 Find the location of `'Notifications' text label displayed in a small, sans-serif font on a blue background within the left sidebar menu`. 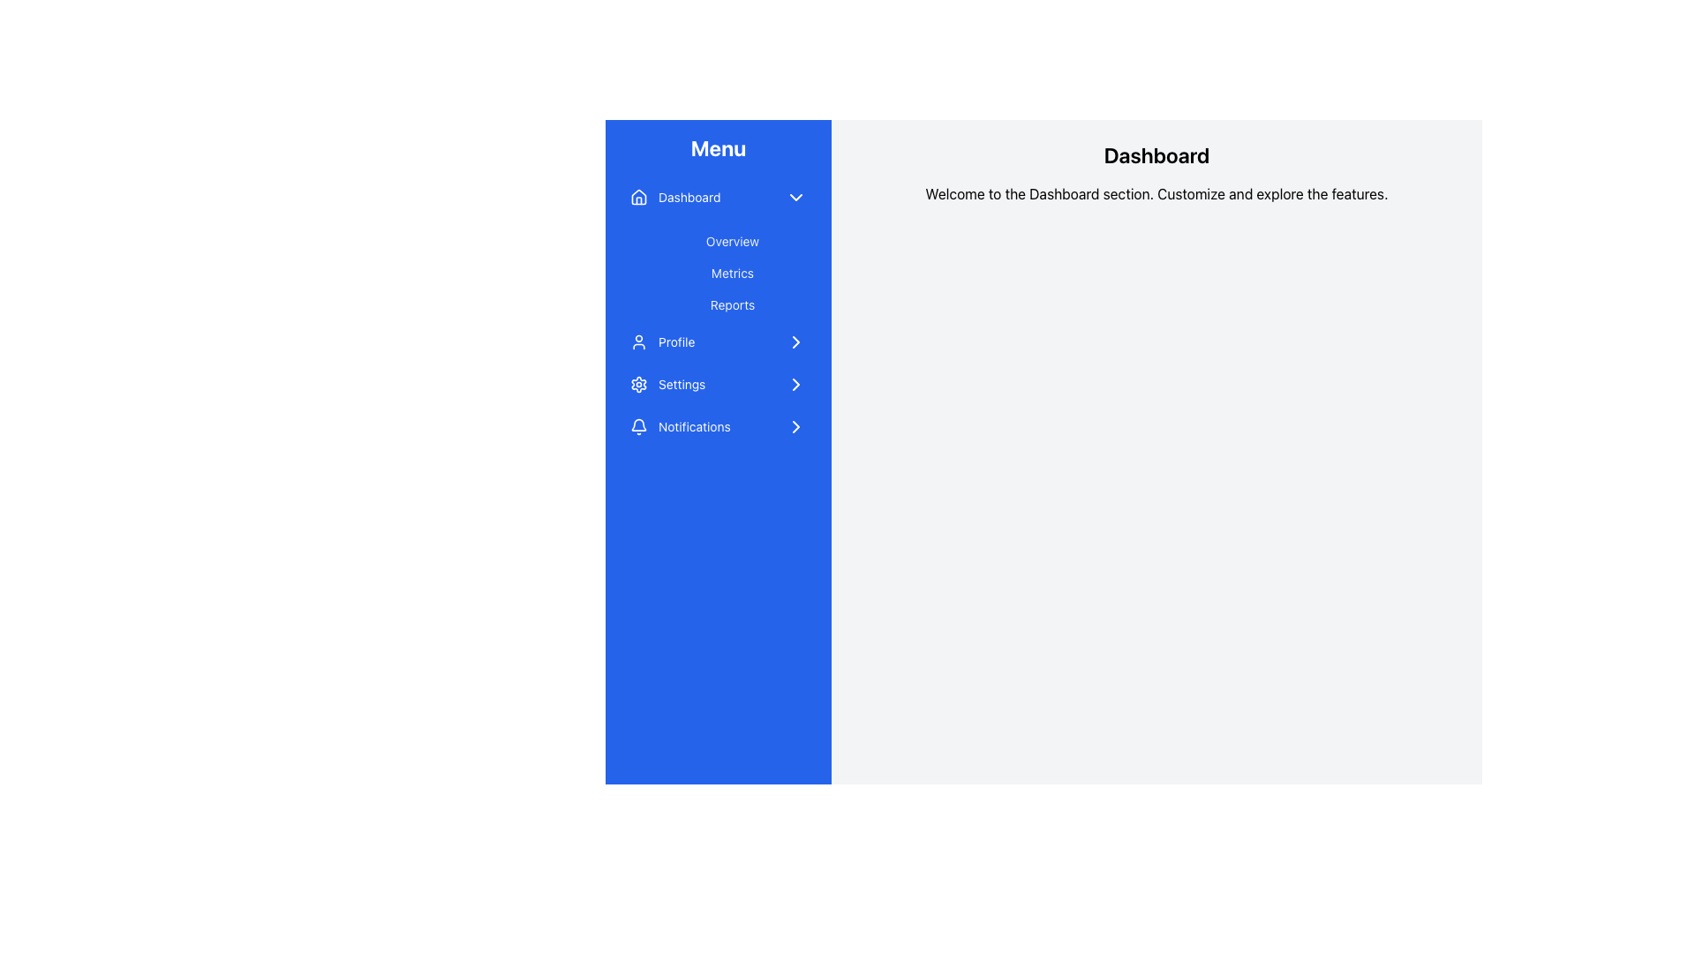

'Notifications' text label displayed in a small, sans-serif font on a blue background within the left sidebar menu is located at coordinates (693, 426).